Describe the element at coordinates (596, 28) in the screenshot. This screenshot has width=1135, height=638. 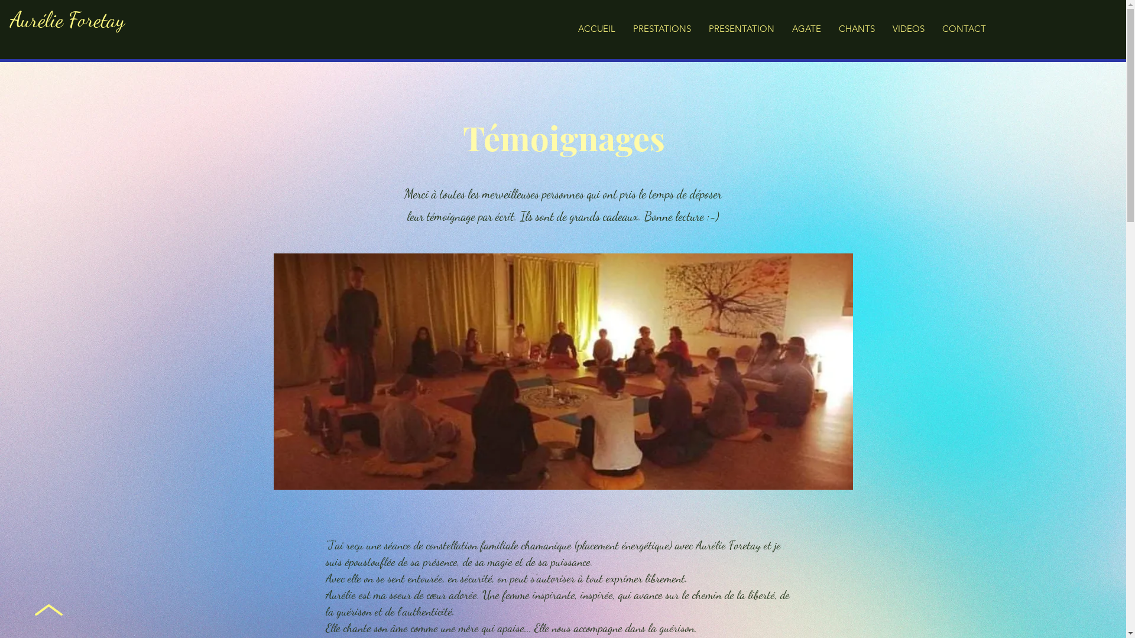
I see `'ACCUEIL'` at that location.